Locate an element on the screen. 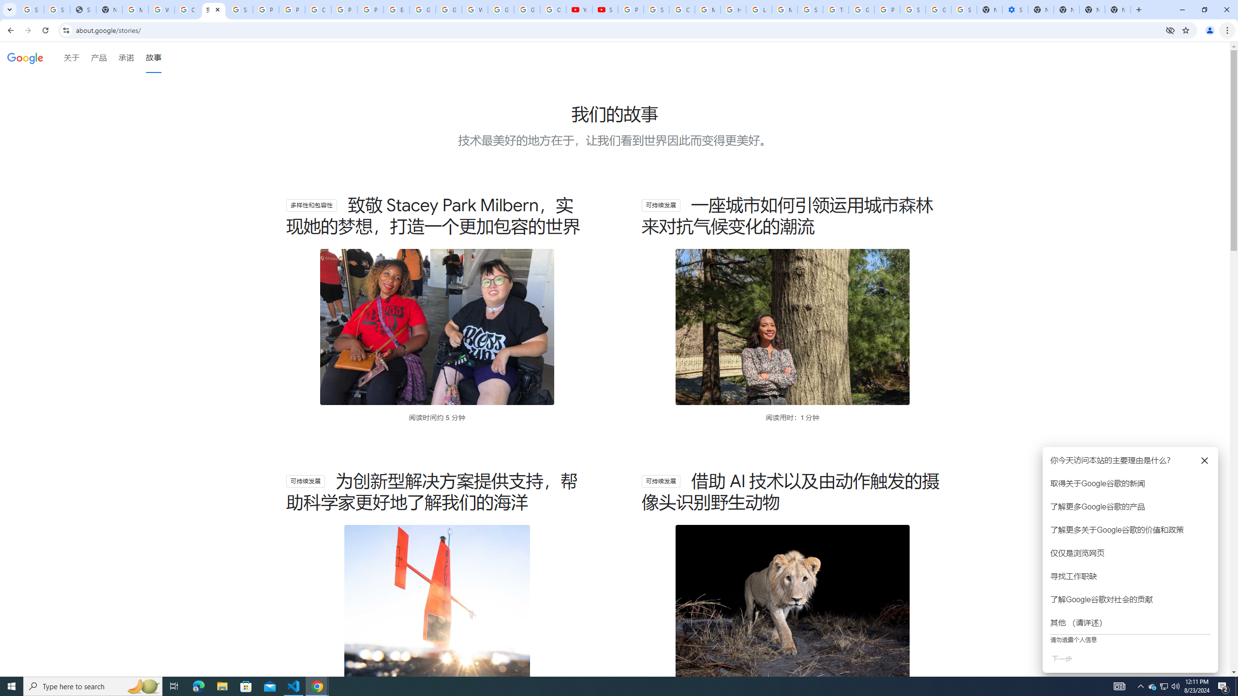 Image resolution: width=1238 pixels, height=696 pixels. 'Google Cybersecurity Innovations - Google Safety Center' is located at coordinates (938, 9).